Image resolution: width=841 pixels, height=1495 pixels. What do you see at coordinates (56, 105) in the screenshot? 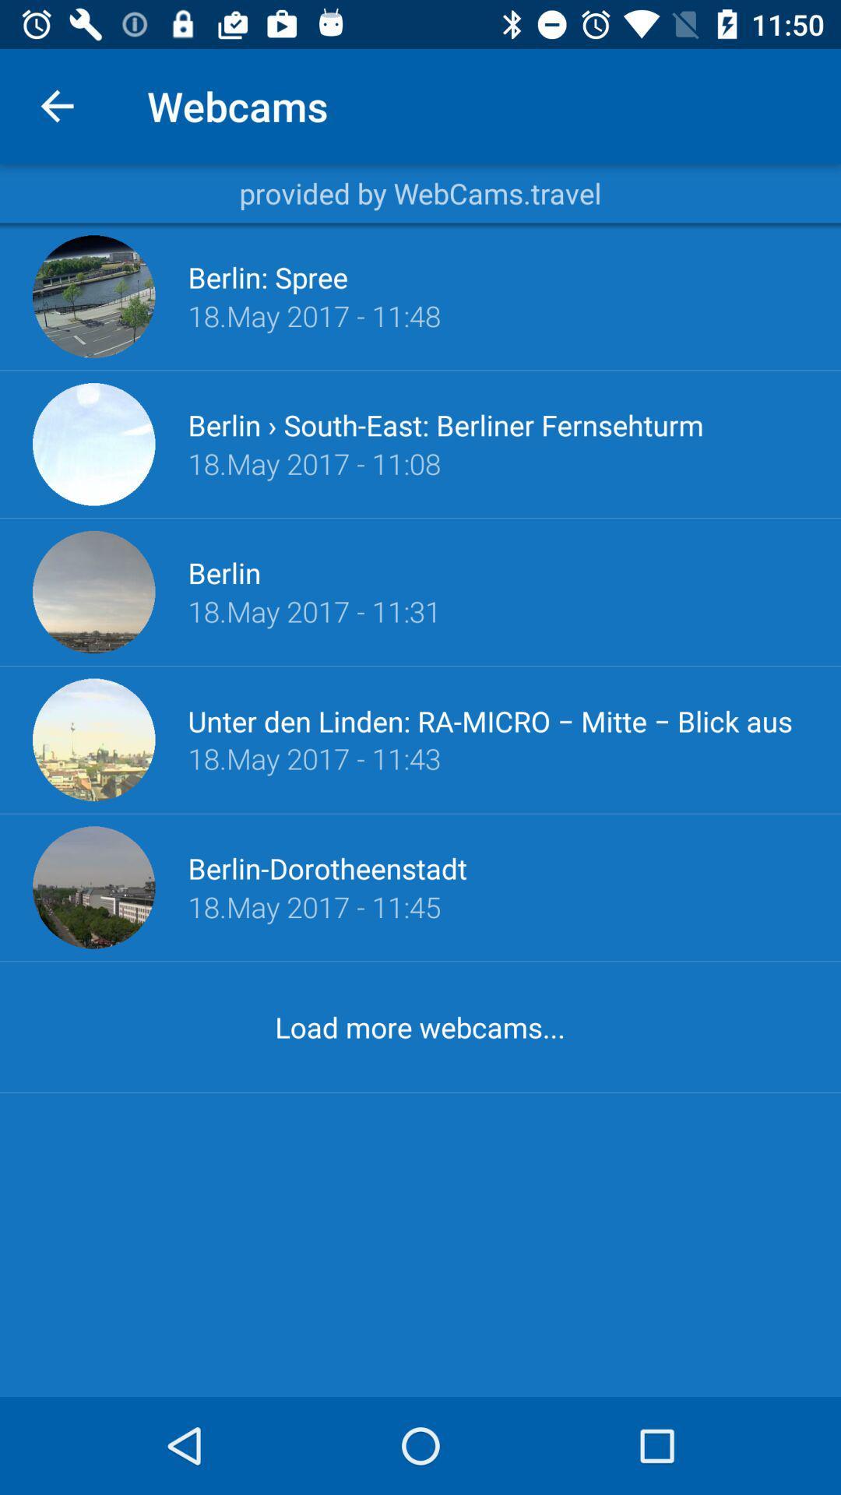
I see `the item to the left of webcams item` at bounding box center [56, 105].